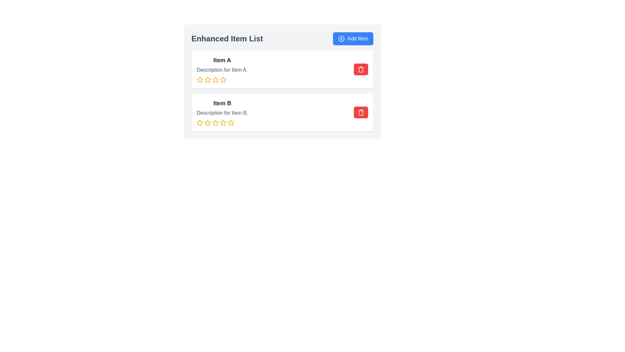 The width and height of the screenshot is (625, 352). What do you see at coordinates (222, 112) in the screenshot?
I see `descriptive text of the Text block with rating indicators that displays information about 'Item B'` at bounding box center [222, 112].